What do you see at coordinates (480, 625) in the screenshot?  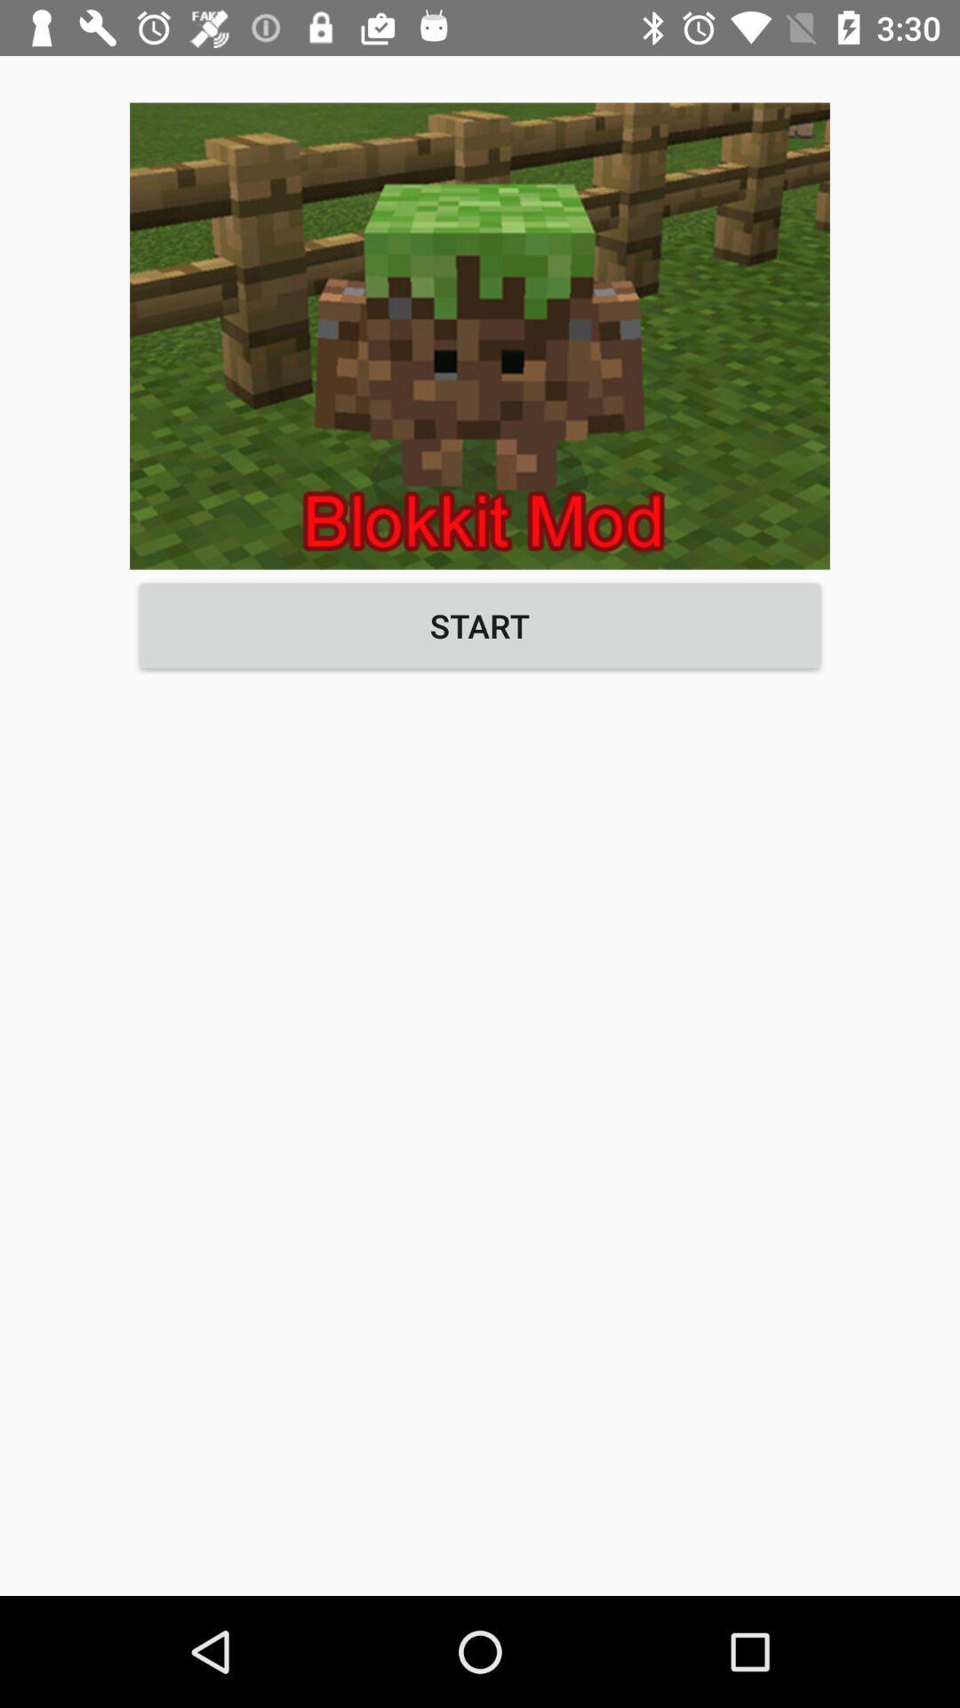 I see `button at the center` at bounding box center [480, 625].